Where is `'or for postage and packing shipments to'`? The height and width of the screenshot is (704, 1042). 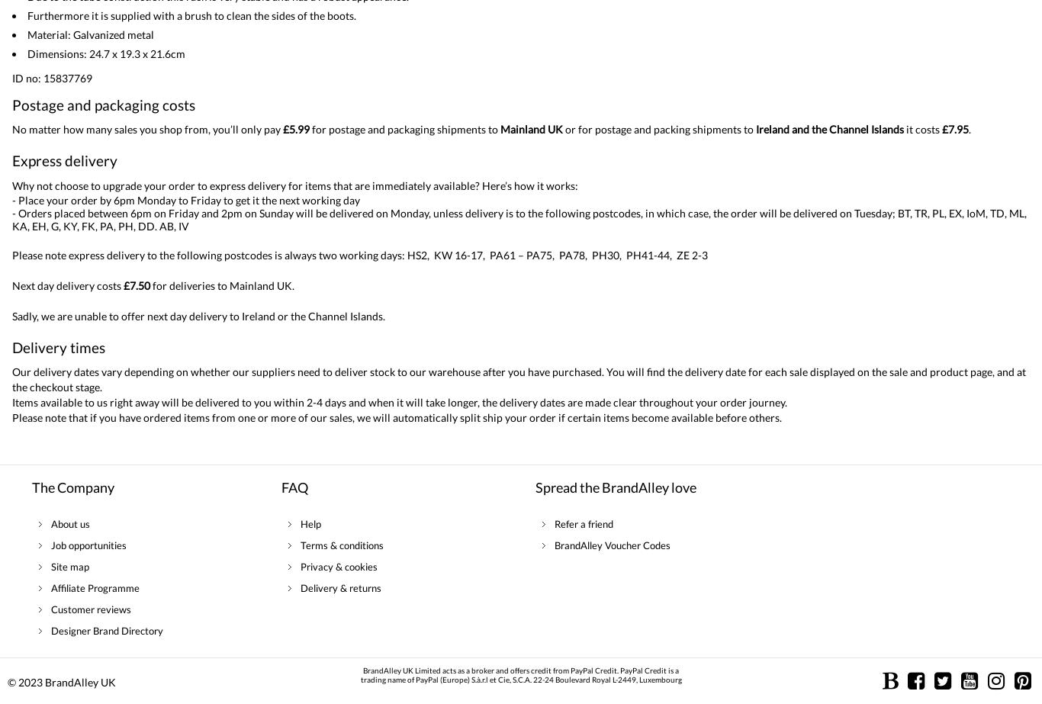 'or for postage and packing shipments to' is located at coordinates (658, 129).